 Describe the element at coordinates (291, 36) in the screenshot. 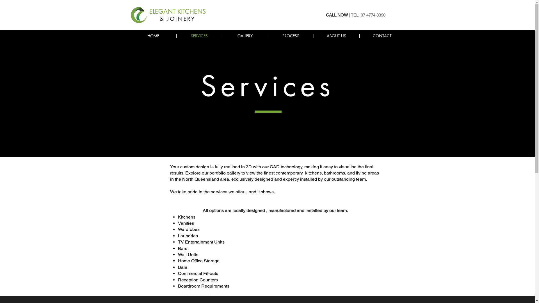

I see `'PROCESS'` at that location.